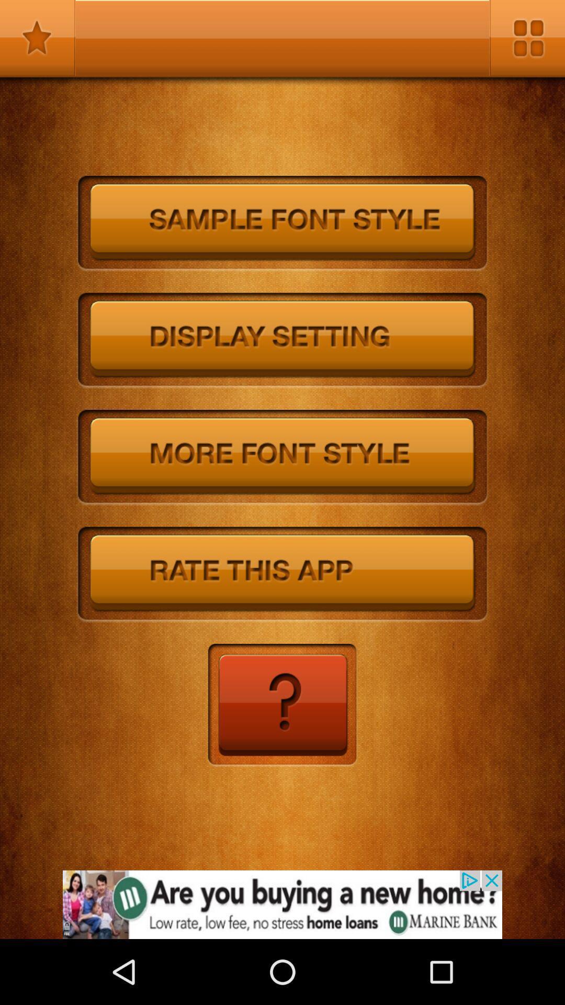 The image size is (565, 1005). I want to click on sample fonts, so click(282, 223).